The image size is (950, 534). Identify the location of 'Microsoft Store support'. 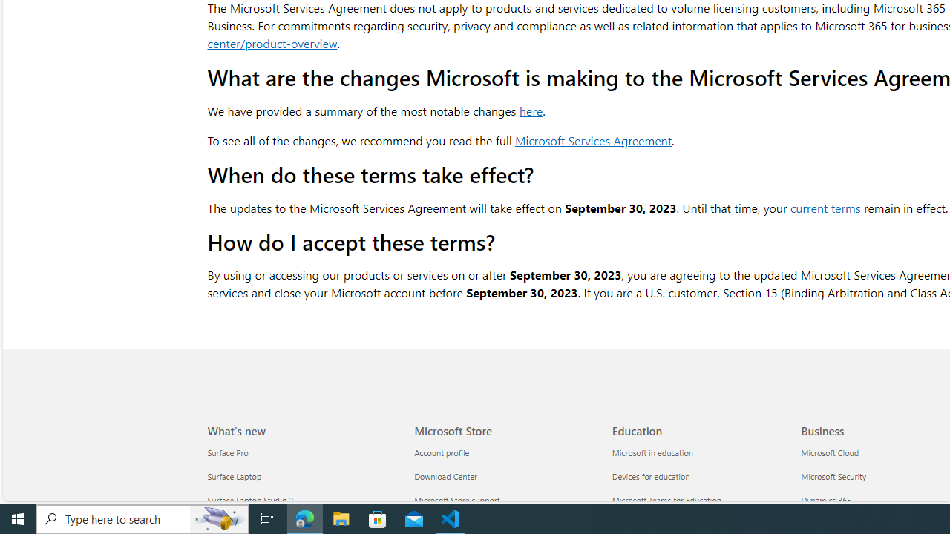
(504, 501).